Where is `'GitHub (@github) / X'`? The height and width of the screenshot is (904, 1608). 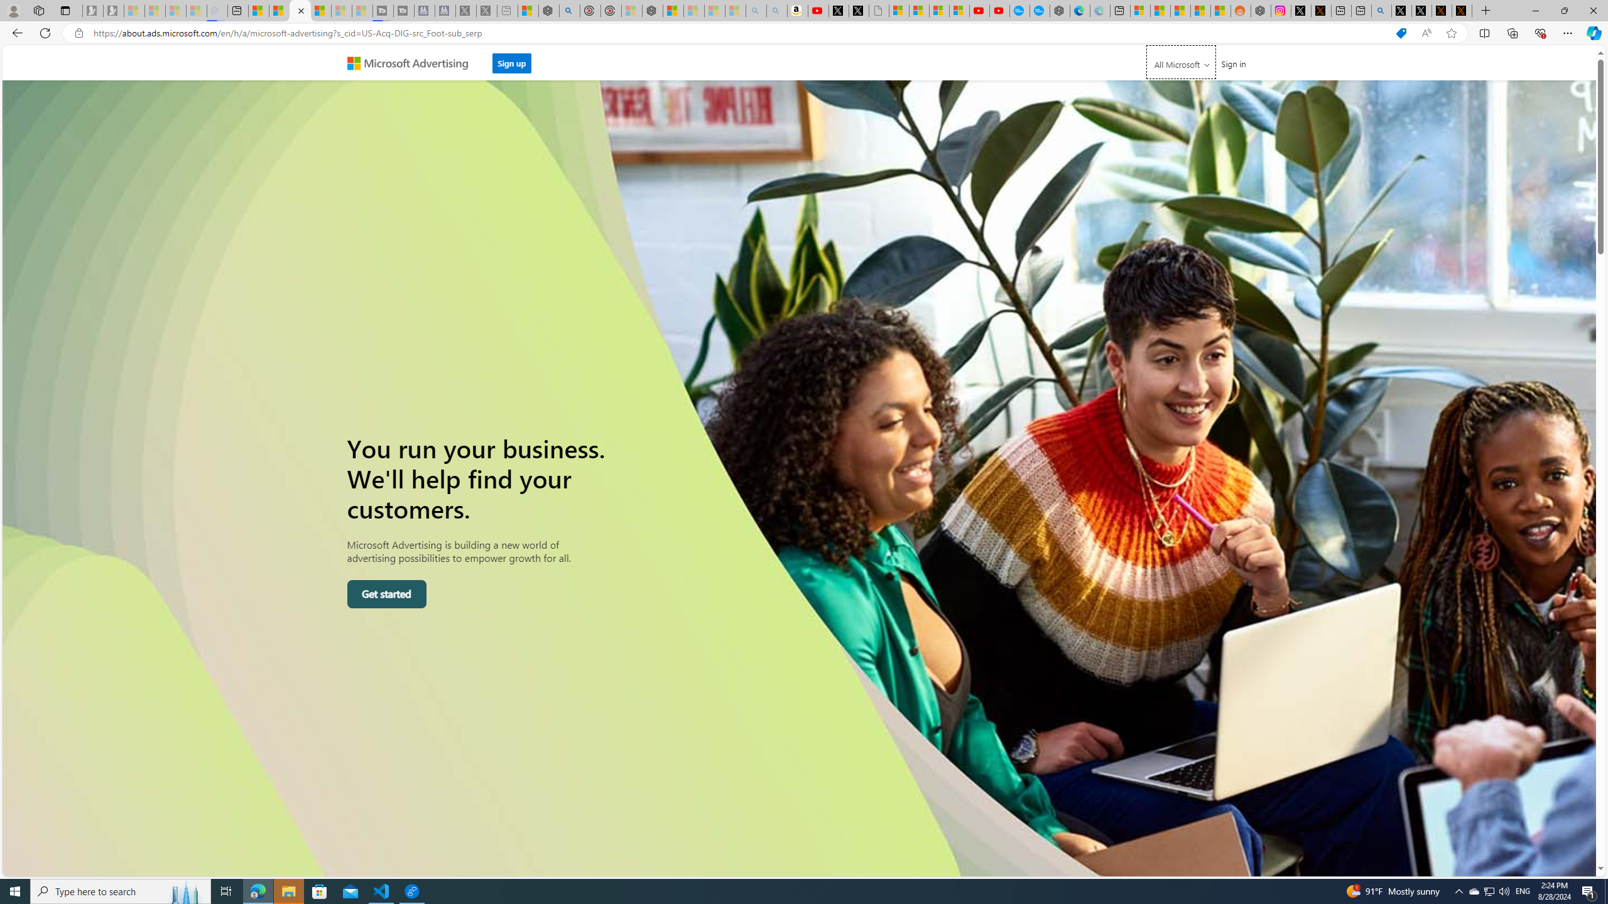 'GitHub (@github) / X' is located at coordinates (1421, 10).